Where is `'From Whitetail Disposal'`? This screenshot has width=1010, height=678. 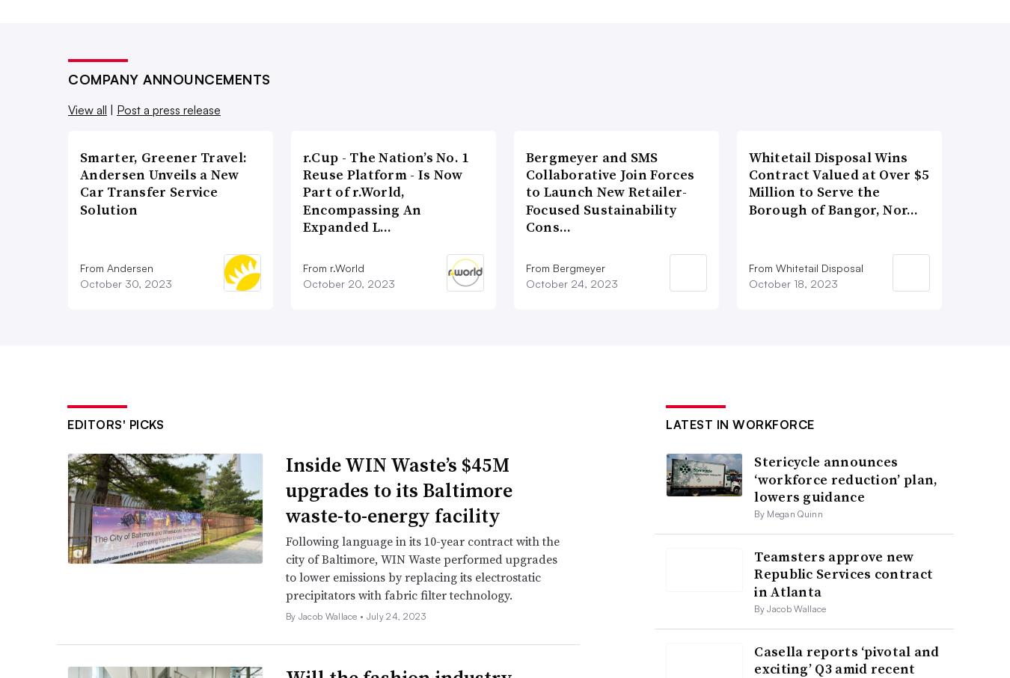
'From Whitetail Disposal' is located at coordinates (747, 266).